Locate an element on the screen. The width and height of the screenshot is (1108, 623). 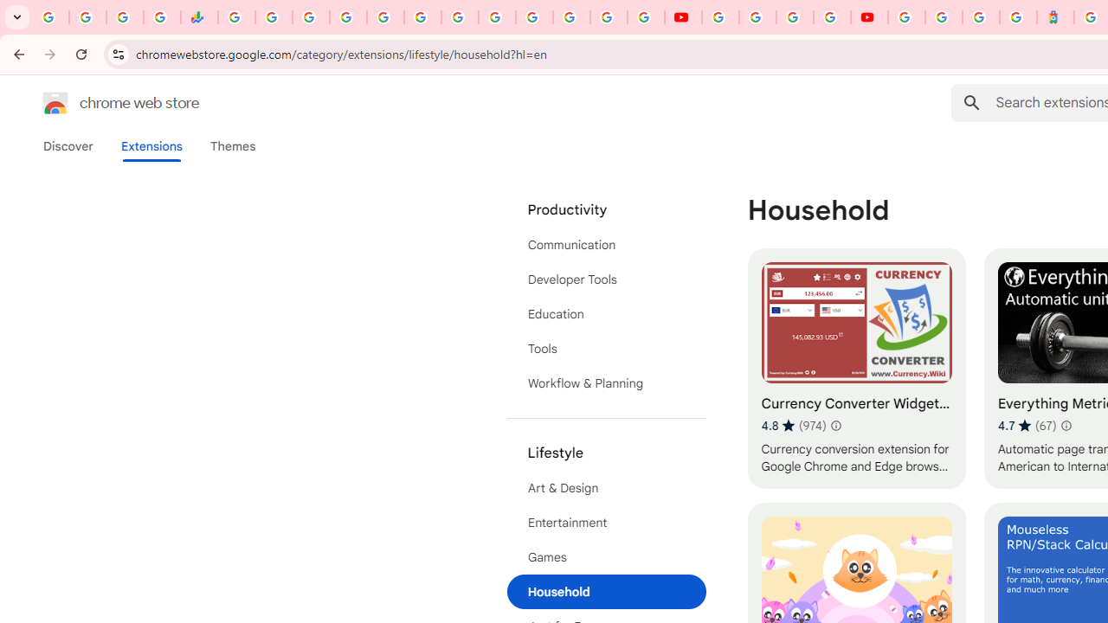
'Education' is located at coordinates (606, 313).